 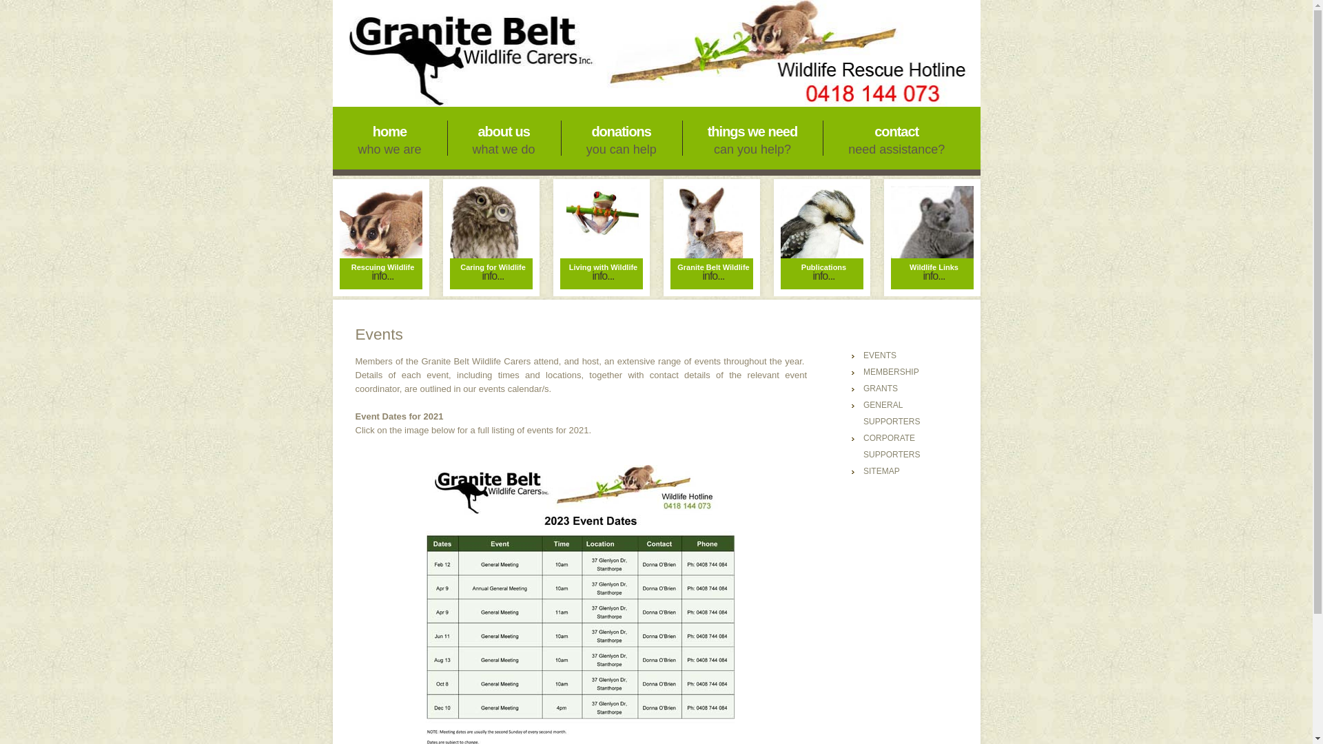 What do you see at coordinates (389, 276) in the screenshot?
I see `'info...'` at bounding box center [389, 276].